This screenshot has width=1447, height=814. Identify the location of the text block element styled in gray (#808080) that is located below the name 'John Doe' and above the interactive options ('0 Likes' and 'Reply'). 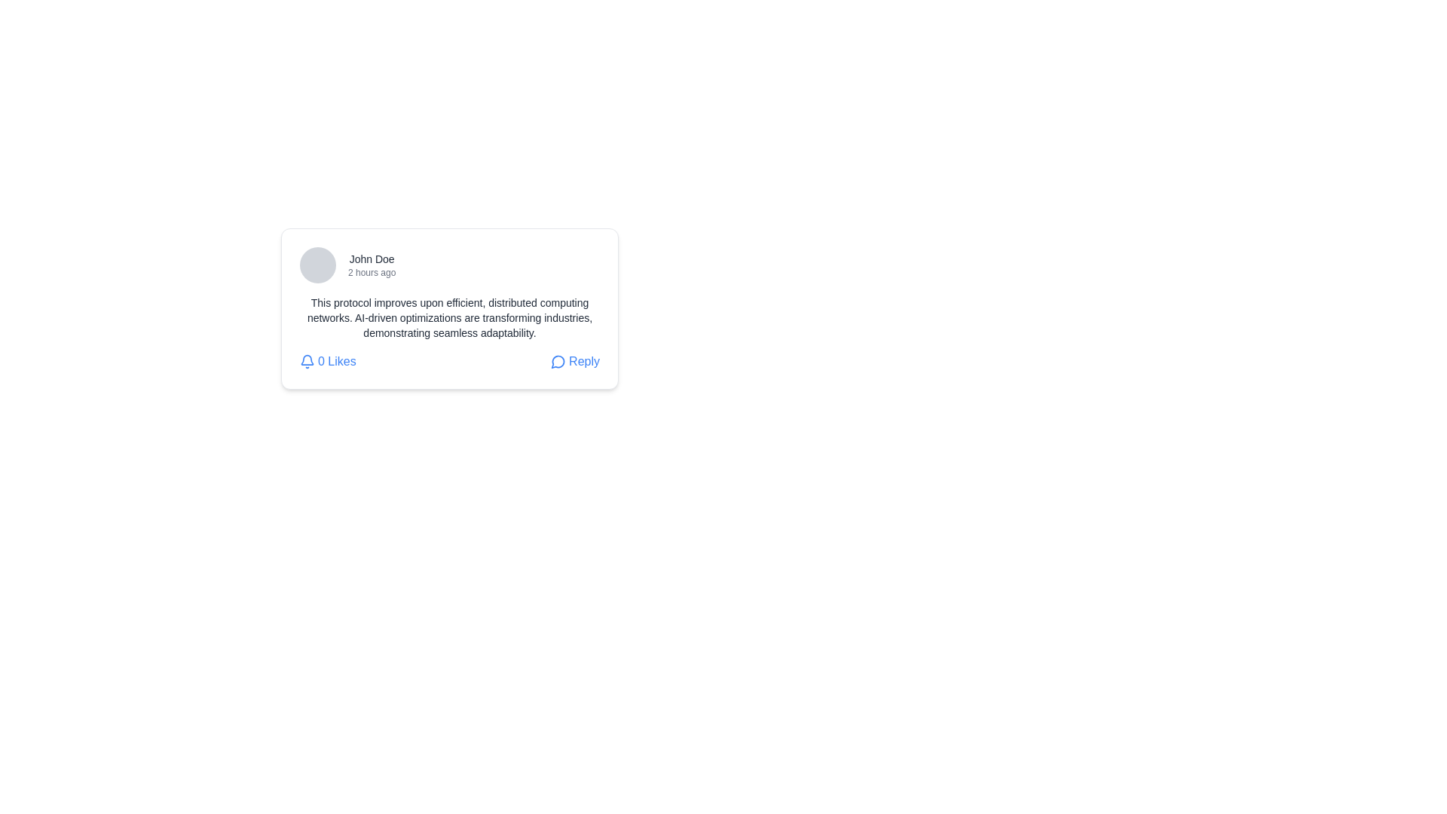
(448, 317).